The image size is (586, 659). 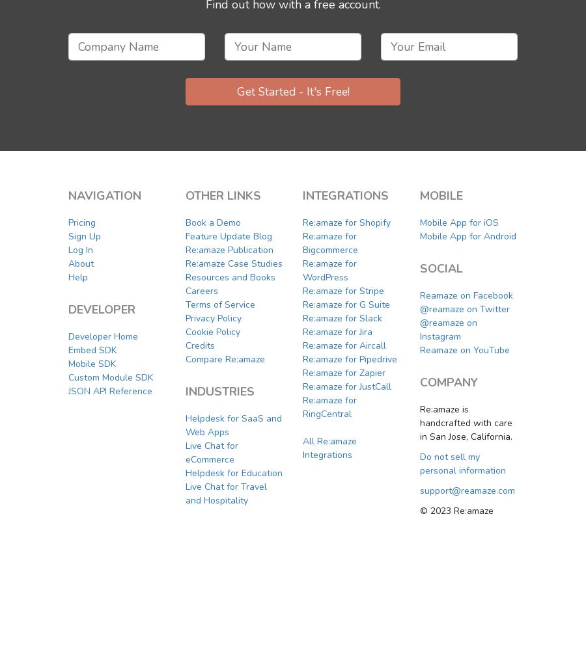 I want to click on 'Mobile App for Android', so click(x=467, y=235).